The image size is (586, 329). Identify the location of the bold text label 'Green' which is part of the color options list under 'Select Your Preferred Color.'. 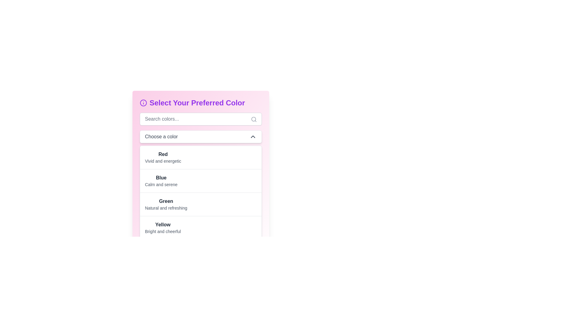
(166, 201).